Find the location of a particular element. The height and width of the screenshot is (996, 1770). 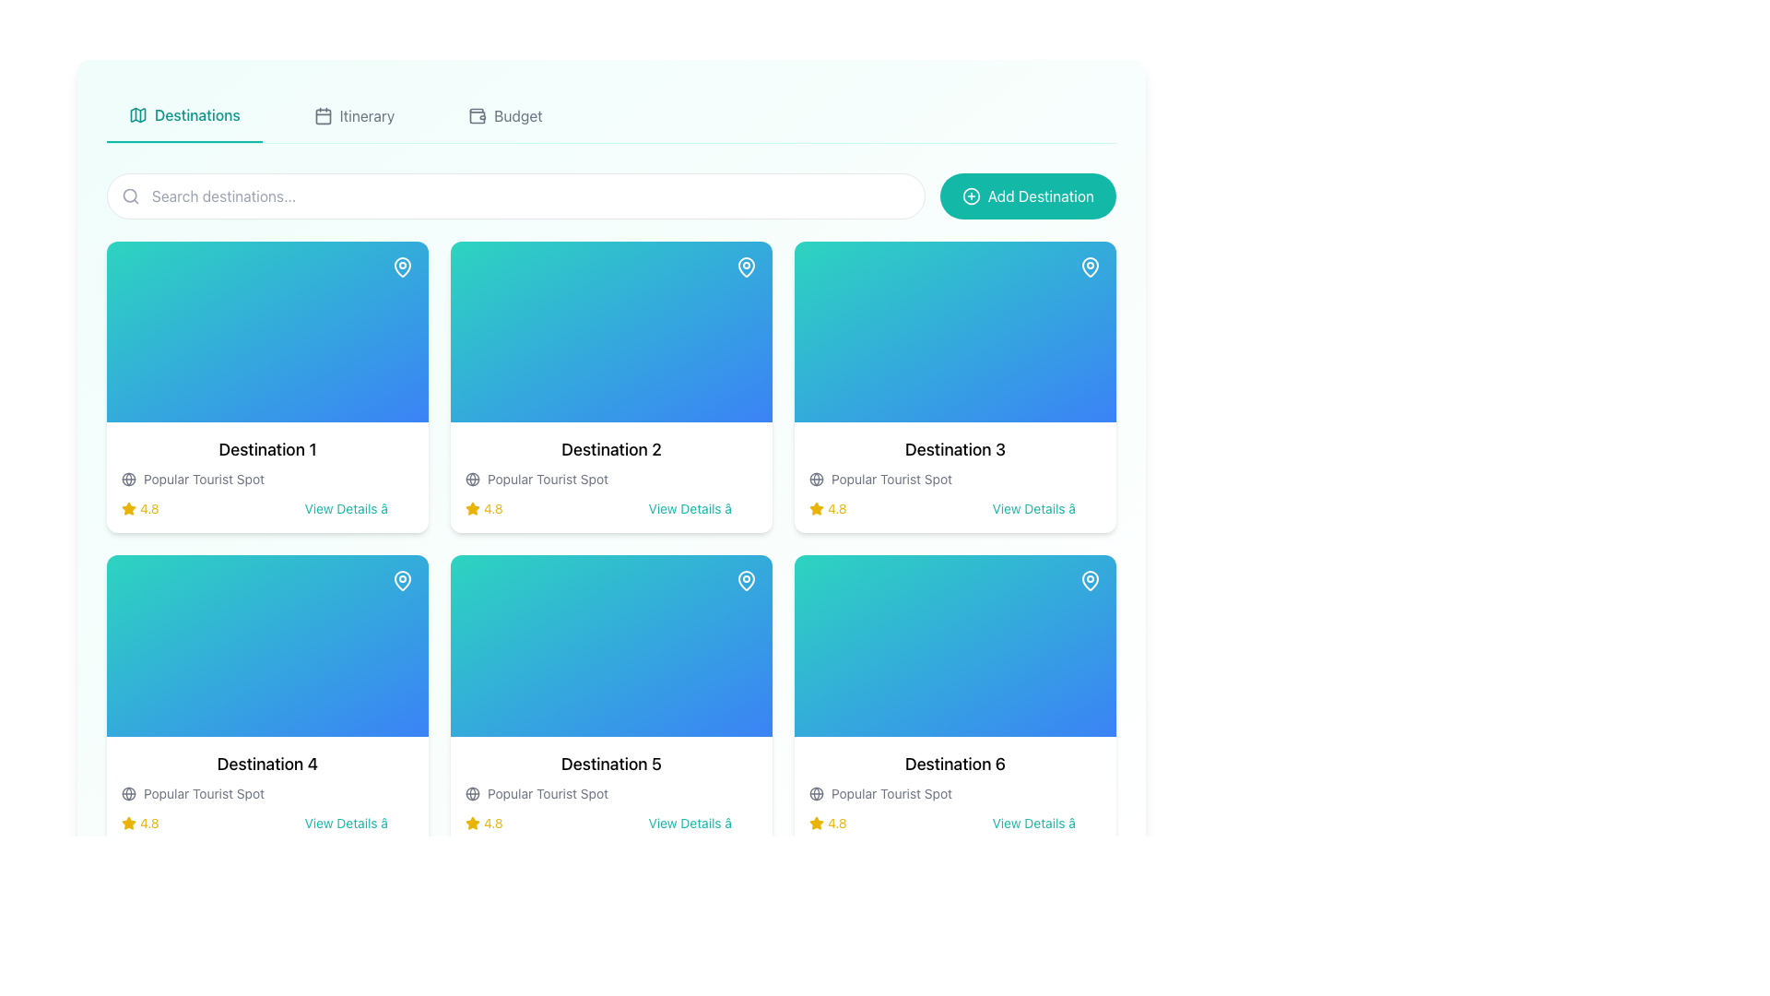

the numeric text element displaying the value '4.8', which is styled in a bold yellow font and positioned to the right of a small yellow star icon in the rating display for 'Destination 1' is located at coordinates (493, 509).